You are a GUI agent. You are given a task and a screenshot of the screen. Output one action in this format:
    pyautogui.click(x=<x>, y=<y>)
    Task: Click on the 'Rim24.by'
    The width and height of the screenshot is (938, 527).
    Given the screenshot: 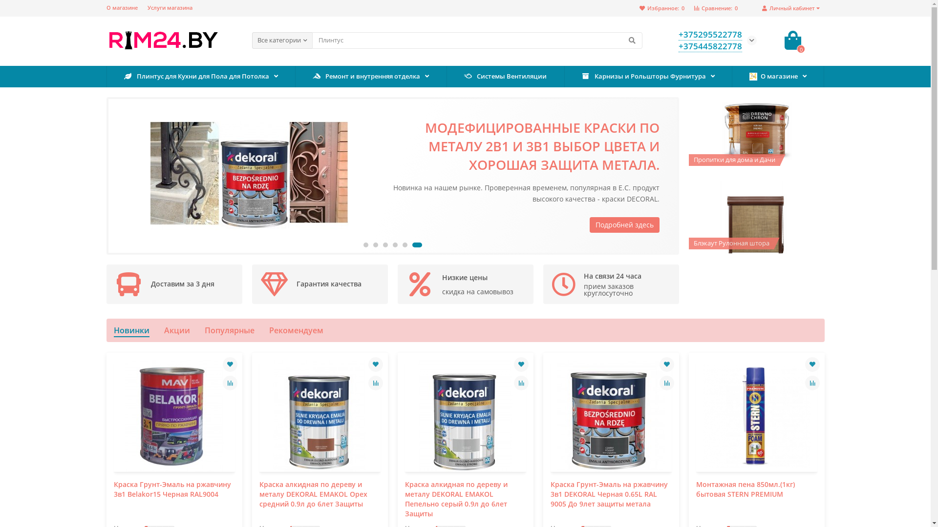 What is the action you would take?
    pyautogui.click(x=163, y=40)
    